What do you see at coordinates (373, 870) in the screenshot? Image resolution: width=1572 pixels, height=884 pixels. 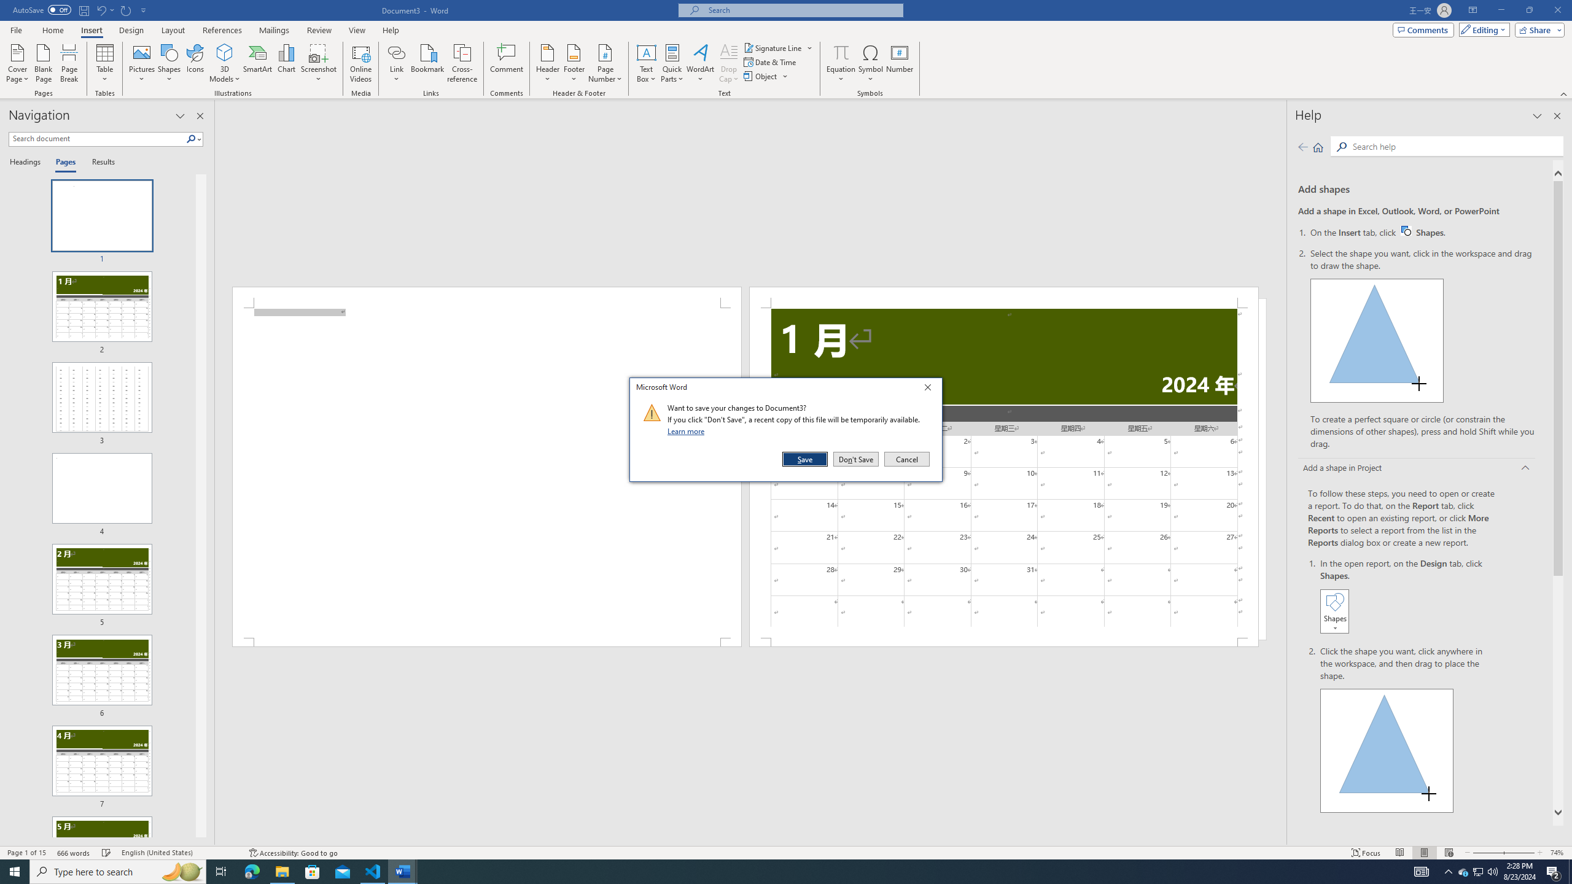 I see `'Visual Studio Code - 1 running window'` at bounding box center [373, 870].